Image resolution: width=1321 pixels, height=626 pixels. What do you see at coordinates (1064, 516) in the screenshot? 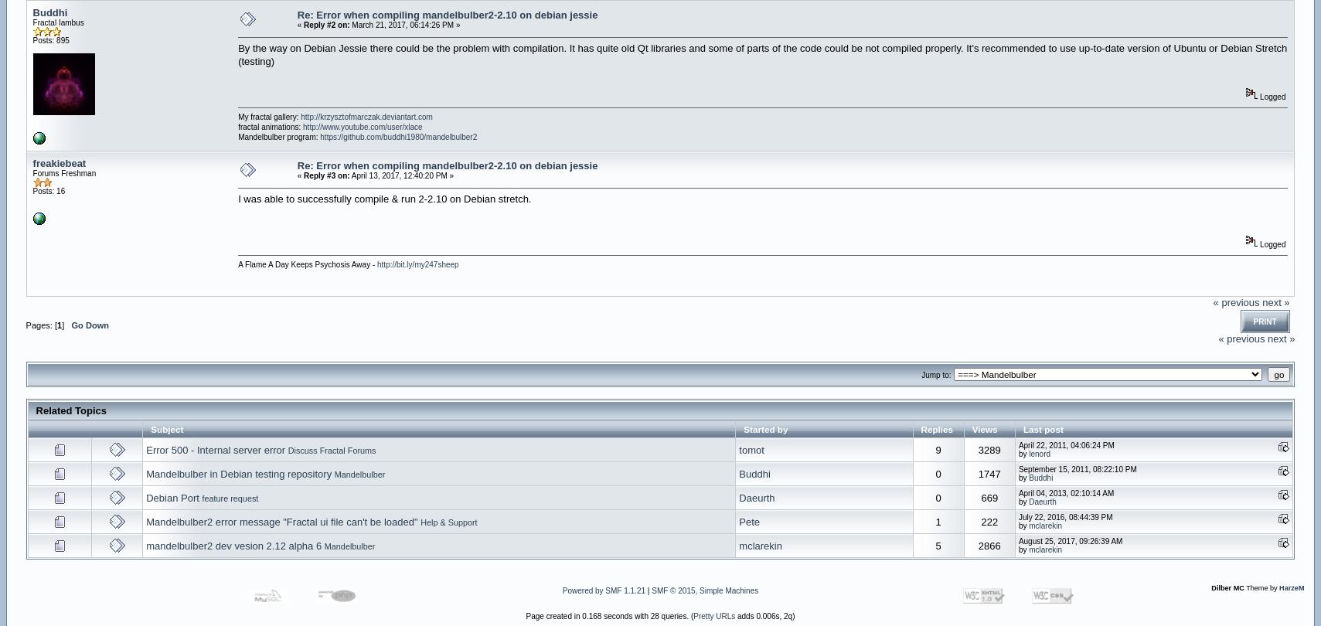
I see `'July 22, 2016, 08:44:39 PM'` at bounding box center [1064, 516].